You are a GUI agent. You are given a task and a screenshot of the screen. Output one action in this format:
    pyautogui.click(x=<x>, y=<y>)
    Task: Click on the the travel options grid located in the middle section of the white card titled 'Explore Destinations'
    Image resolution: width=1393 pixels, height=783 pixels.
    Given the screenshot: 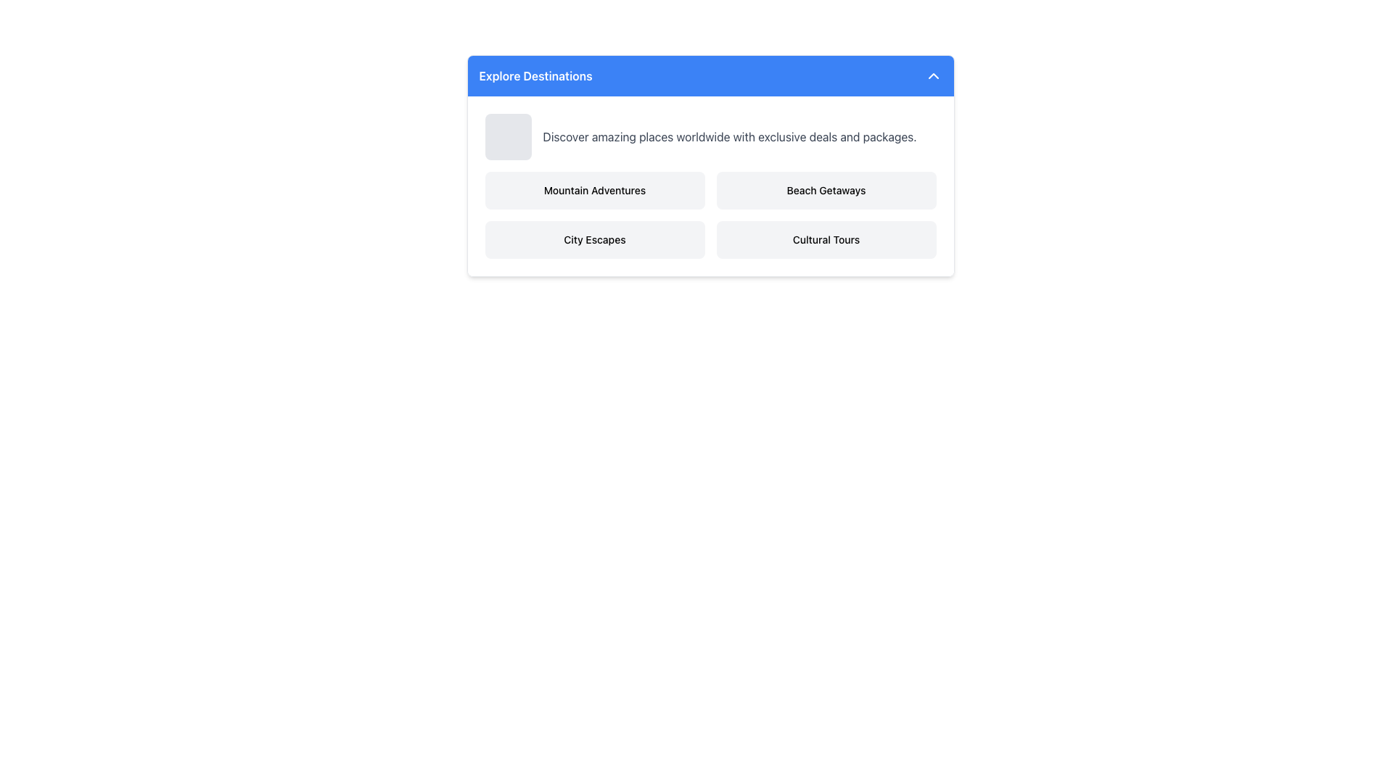 What is the action you would take?
    pyautogui.click(x=710, y=215)
    